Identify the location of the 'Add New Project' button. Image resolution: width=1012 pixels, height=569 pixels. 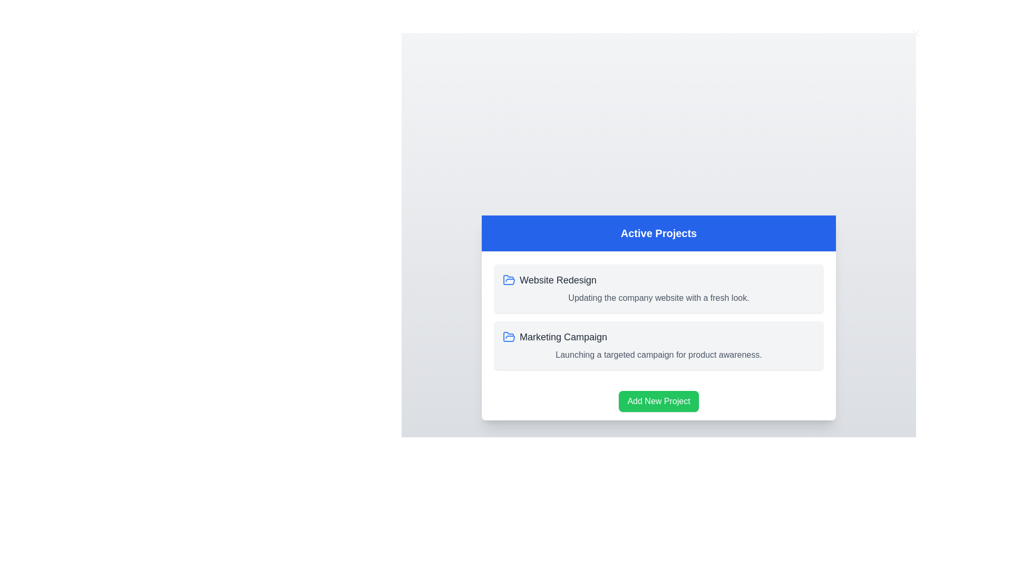
(658, 401).